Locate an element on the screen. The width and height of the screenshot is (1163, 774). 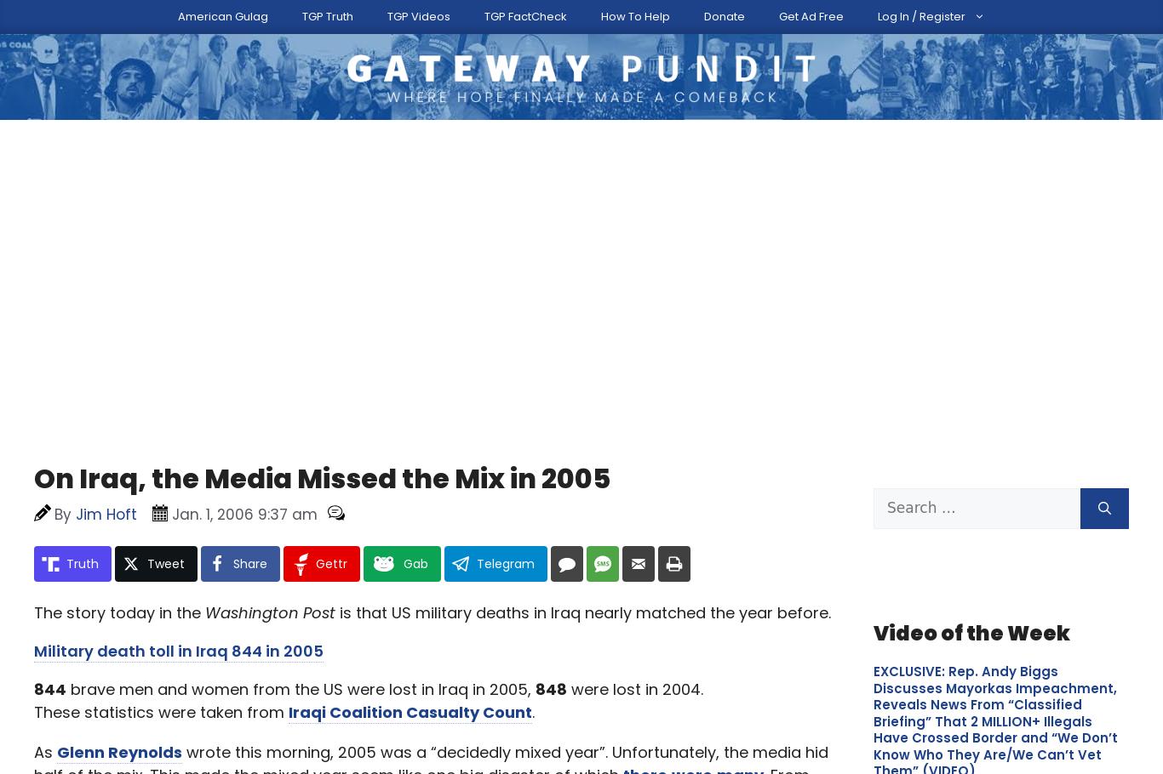
'About Us' is located at coordinates (363, 12).